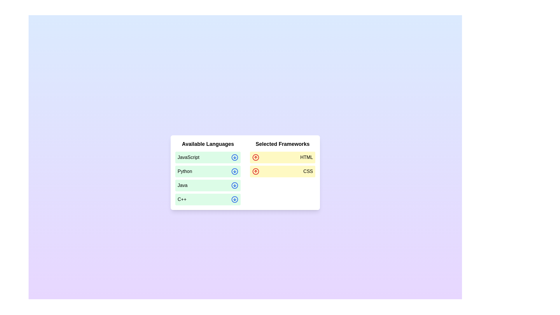 The width and height of the screenshot is (560, 315). I want to click on the icon corresponding to JavaScript, so click(235, 157).